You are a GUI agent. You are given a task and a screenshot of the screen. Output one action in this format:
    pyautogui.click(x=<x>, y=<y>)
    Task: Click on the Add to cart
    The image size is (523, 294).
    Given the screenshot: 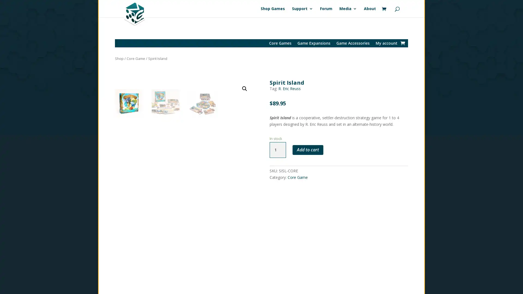 What is the action you would take?
    pyautogui.click(x=308, y=150)
    